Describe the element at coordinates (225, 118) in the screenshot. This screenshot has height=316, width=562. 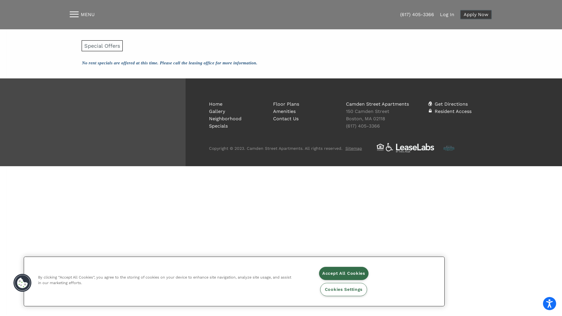
I see `'Neighborhood'` at that location.